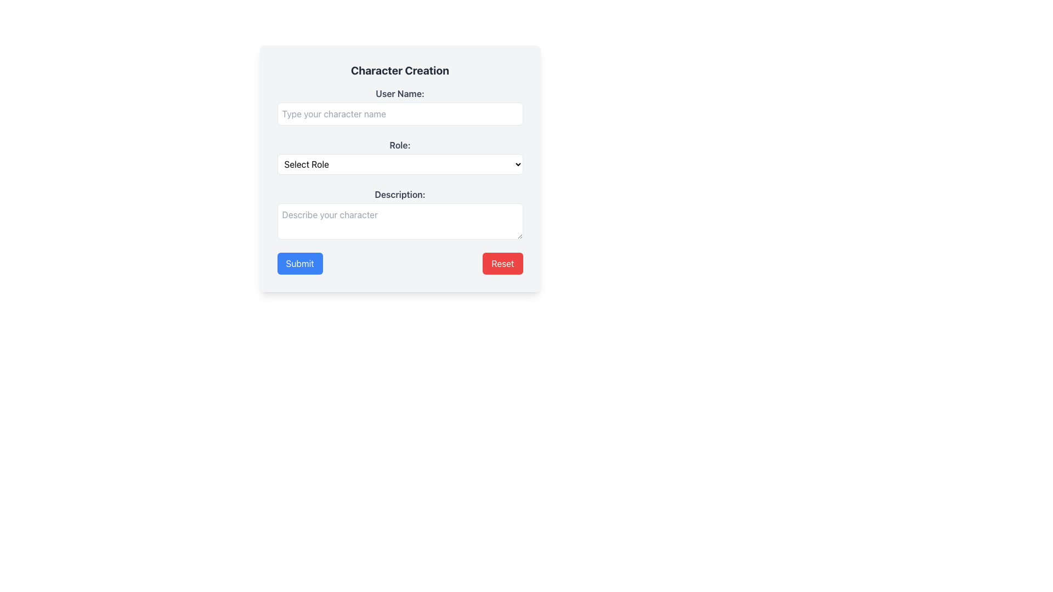 The image size is (1053, 592). I want to click on the input field for entering the character name, which is centrally aligned beneath the 'Character Creation' title, so click(399, 106).